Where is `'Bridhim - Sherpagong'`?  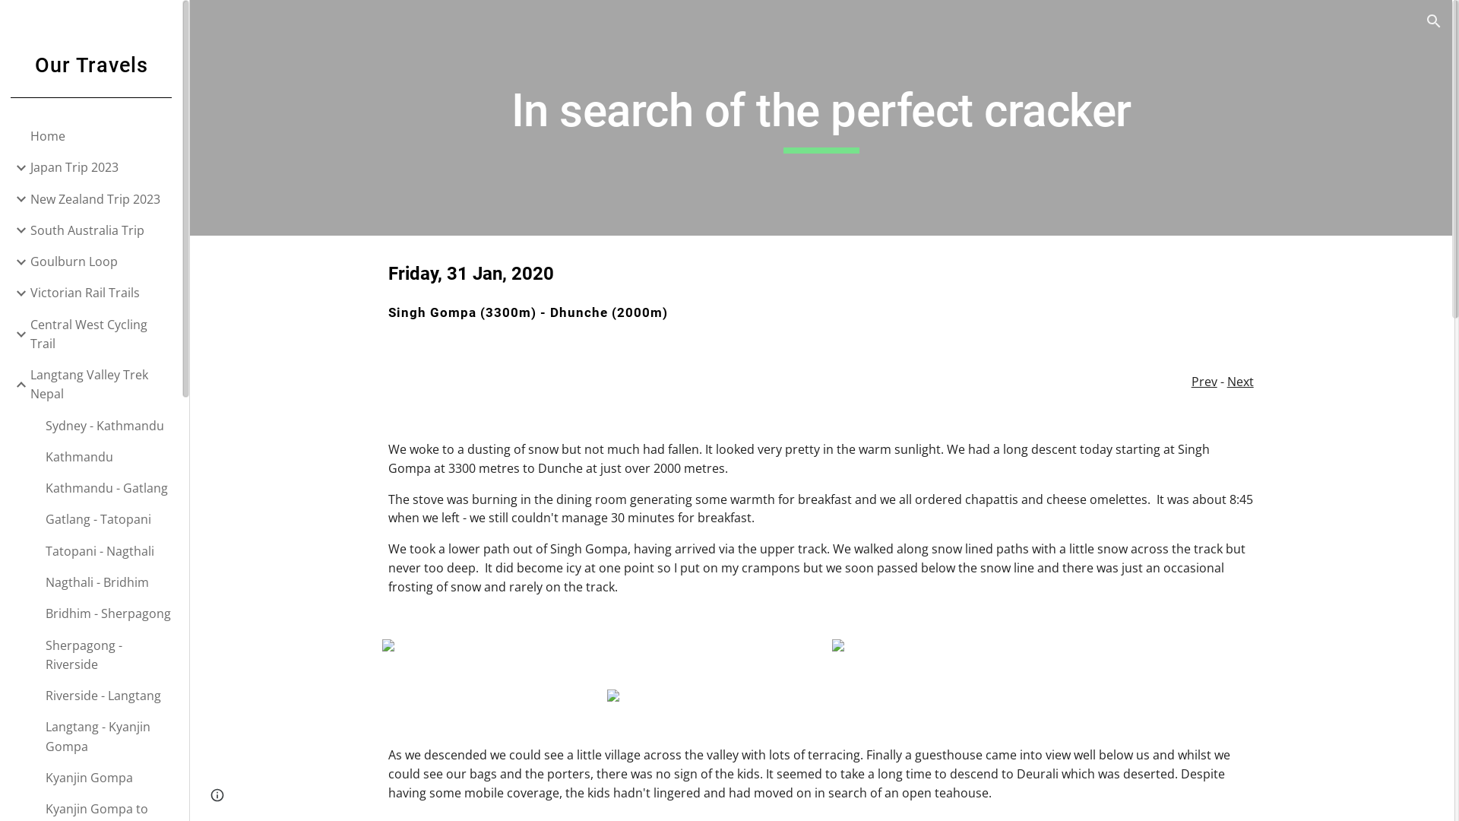 'Bridhim - Sherpagong' is located at coordinates (107, 613).